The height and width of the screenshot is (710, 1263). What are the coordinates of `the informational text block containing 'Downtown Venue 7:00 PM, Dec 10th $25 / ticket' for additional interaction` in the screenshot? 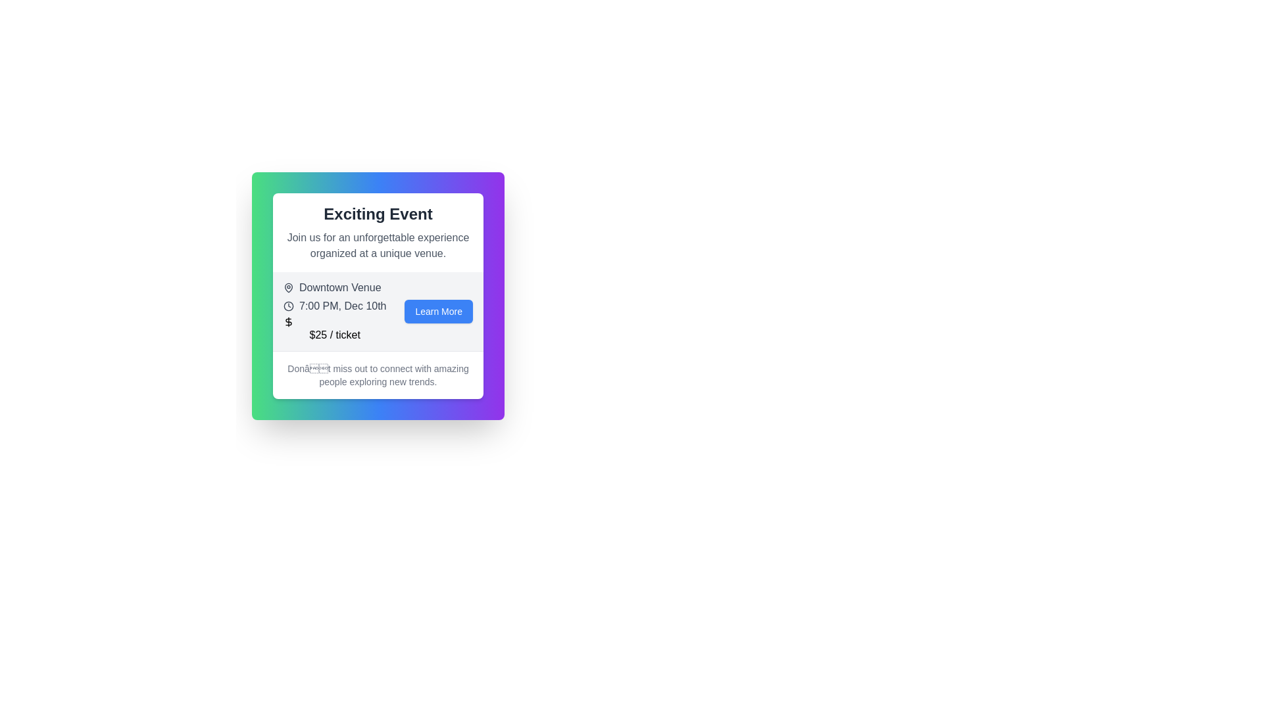 It's located at (335, 312).